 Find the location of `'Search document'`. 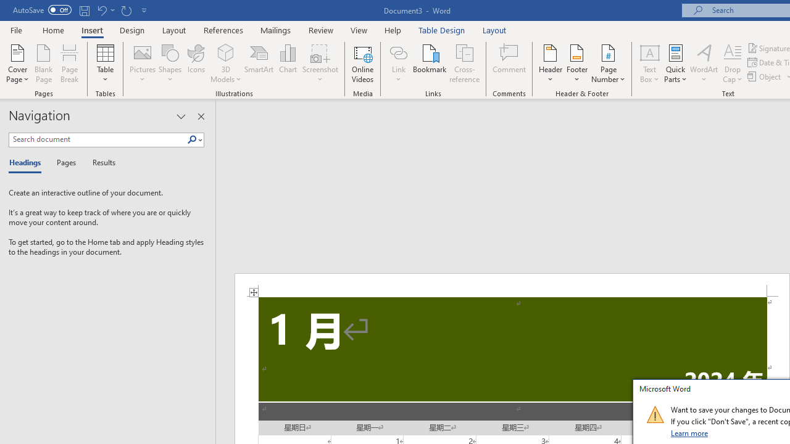

'Search document' is located at coordinates (97, 139).